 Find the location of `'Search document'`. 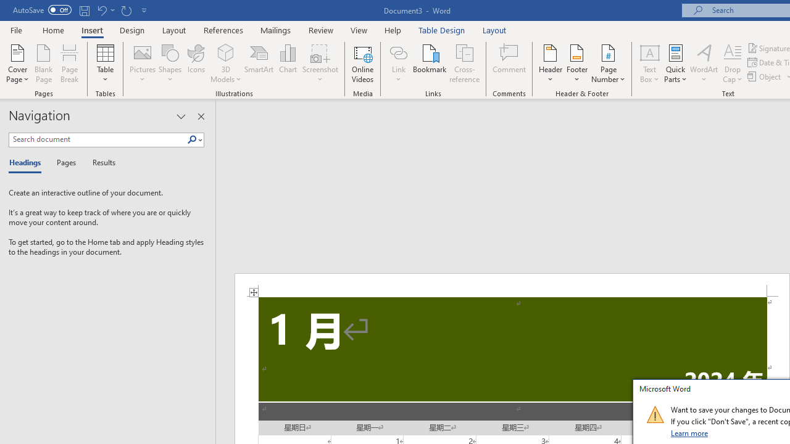

'Search document' is located at coordinates (97, 139).